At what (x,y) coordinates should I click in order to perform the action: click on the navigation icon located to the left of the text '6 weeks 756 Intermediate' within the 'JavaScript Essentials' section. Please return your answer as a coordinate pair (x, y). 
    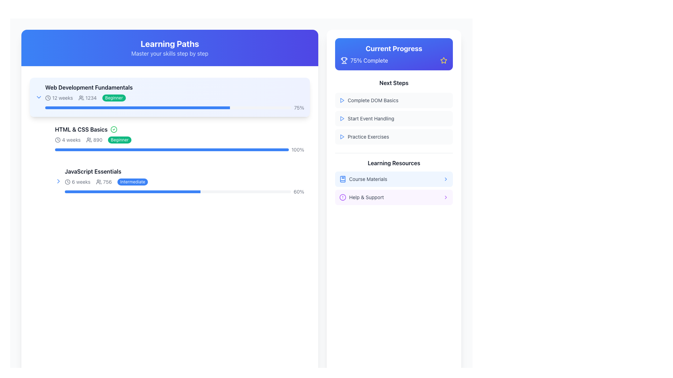
    Looking at the image, I should click on (59, 181).